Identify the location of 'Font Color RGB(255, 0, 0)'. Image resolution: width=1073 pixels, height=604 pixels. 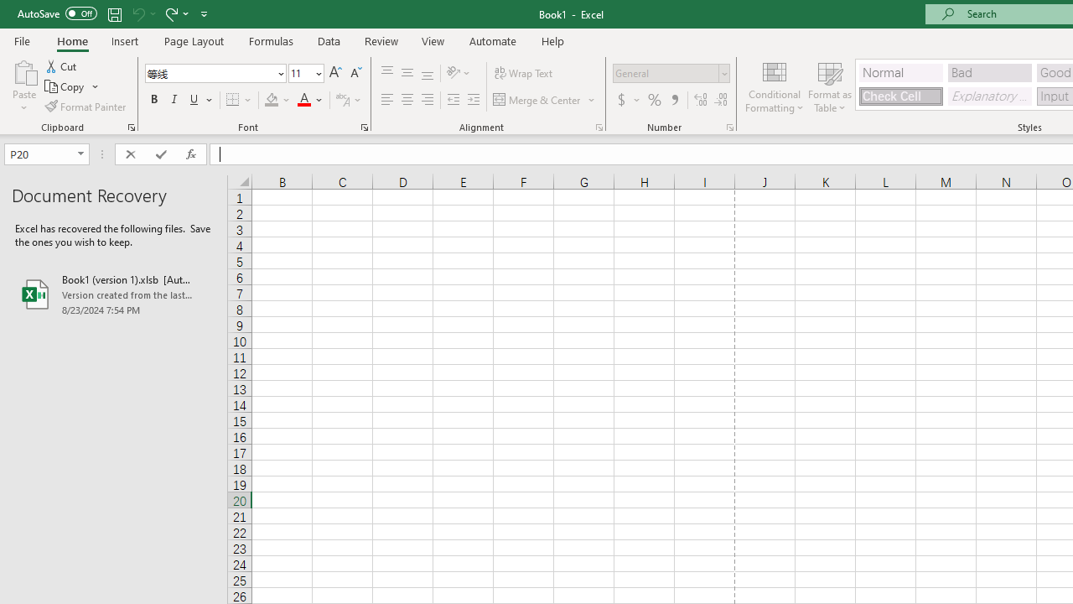
(303, 100).